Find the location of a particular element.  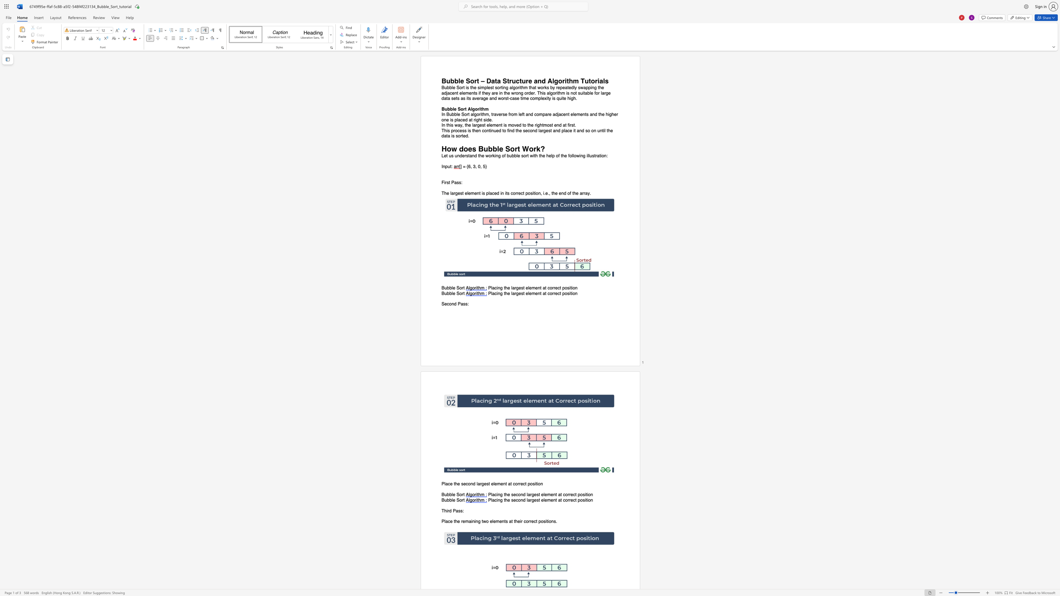

the 2th character "o" in the text is located at coordinates (528, 193).